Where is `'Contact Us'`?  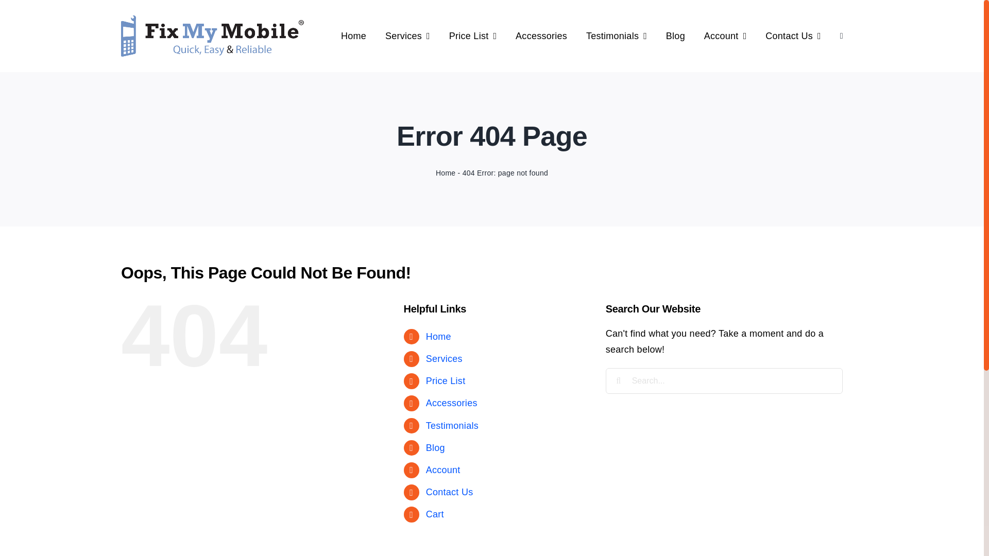
'Contact Us' is located at coordinates (425, 492).